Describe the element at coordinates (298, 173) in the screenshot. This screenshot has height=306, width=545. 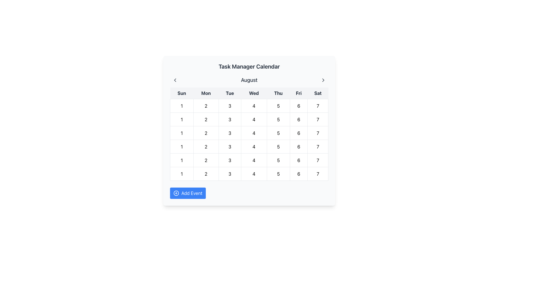
I see `the text element displaying the number '6', located in the bottom row of the grid in the fifth row and sixth column, to interact with surrounding elements` at that location.